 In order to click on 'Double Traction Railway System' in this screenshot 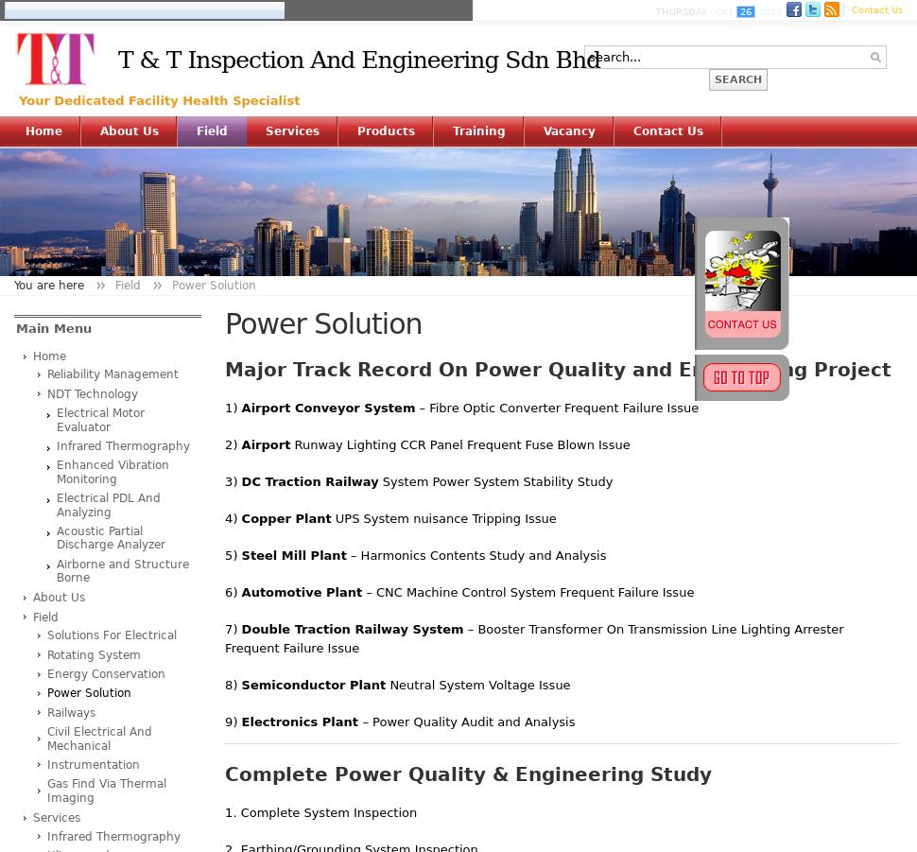, I will do `click(351, 629)`.